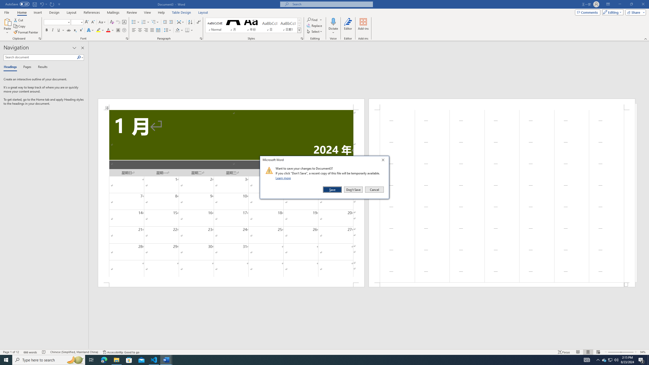 Image resolution: width=649 pixels, height=365 pixels. Describe the element at coordinates (19, 20) in the screenshot. I see `'Cut'` at that location.